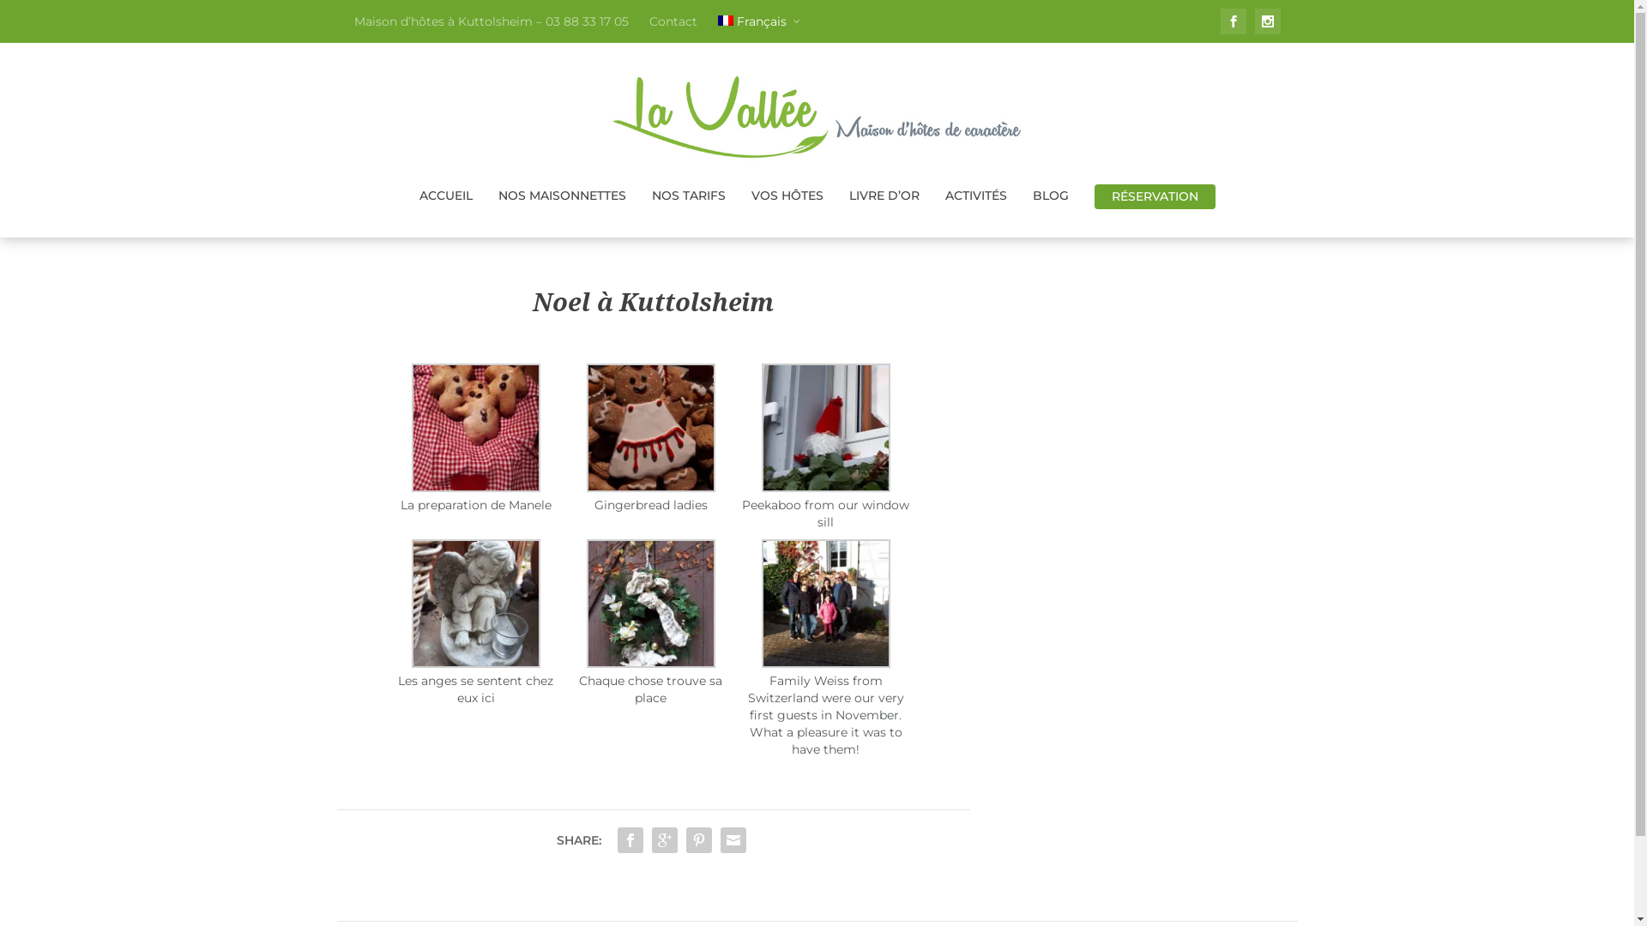  What do you see at coordinates (561, 201) in the screenshot?
I see `'NOS MAISONNETTES'` at bounding box center [561, 201].